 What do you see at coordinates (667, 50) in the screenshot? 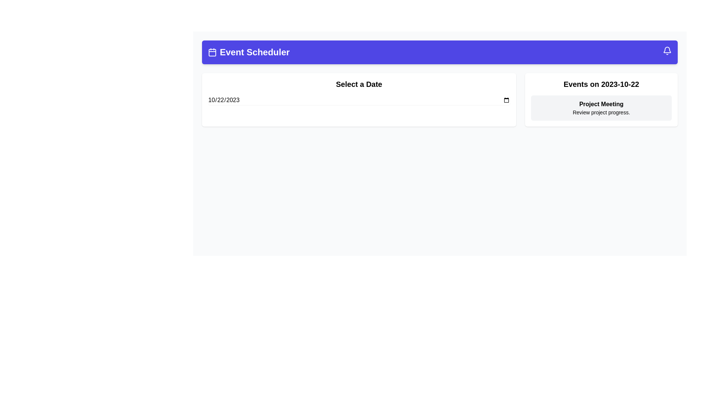
I see `the notification bell icon, which is a bell-shaped icon with a purple background located in the top right corner of the application header bar, near the 'Event Scheduler' label` at bounding box center [667, 50].